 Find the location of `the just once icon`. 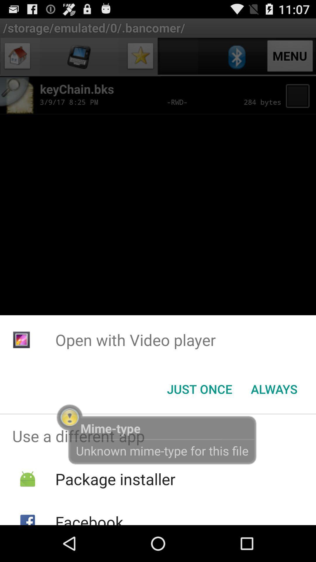

the just once icon is located at coordinates (199, 389).